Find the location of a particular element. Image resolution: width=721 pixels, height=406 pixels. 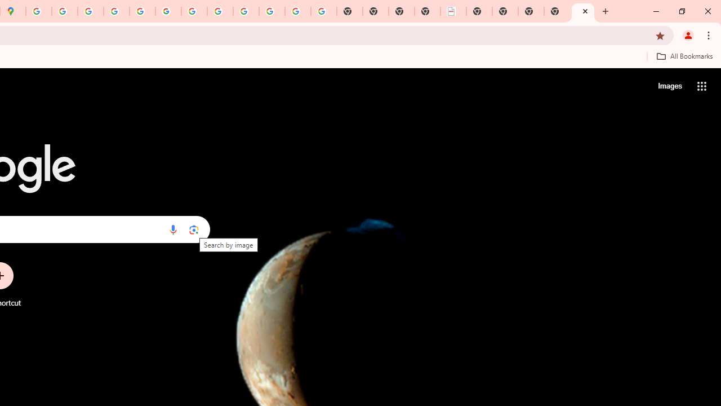

'Search for Images ' is located at coordinates (670, 86).